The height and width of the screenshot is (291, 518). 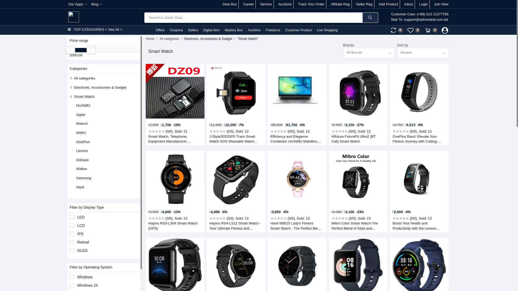 I want to click on 'HUAWEI', so click(x=83, y=105).